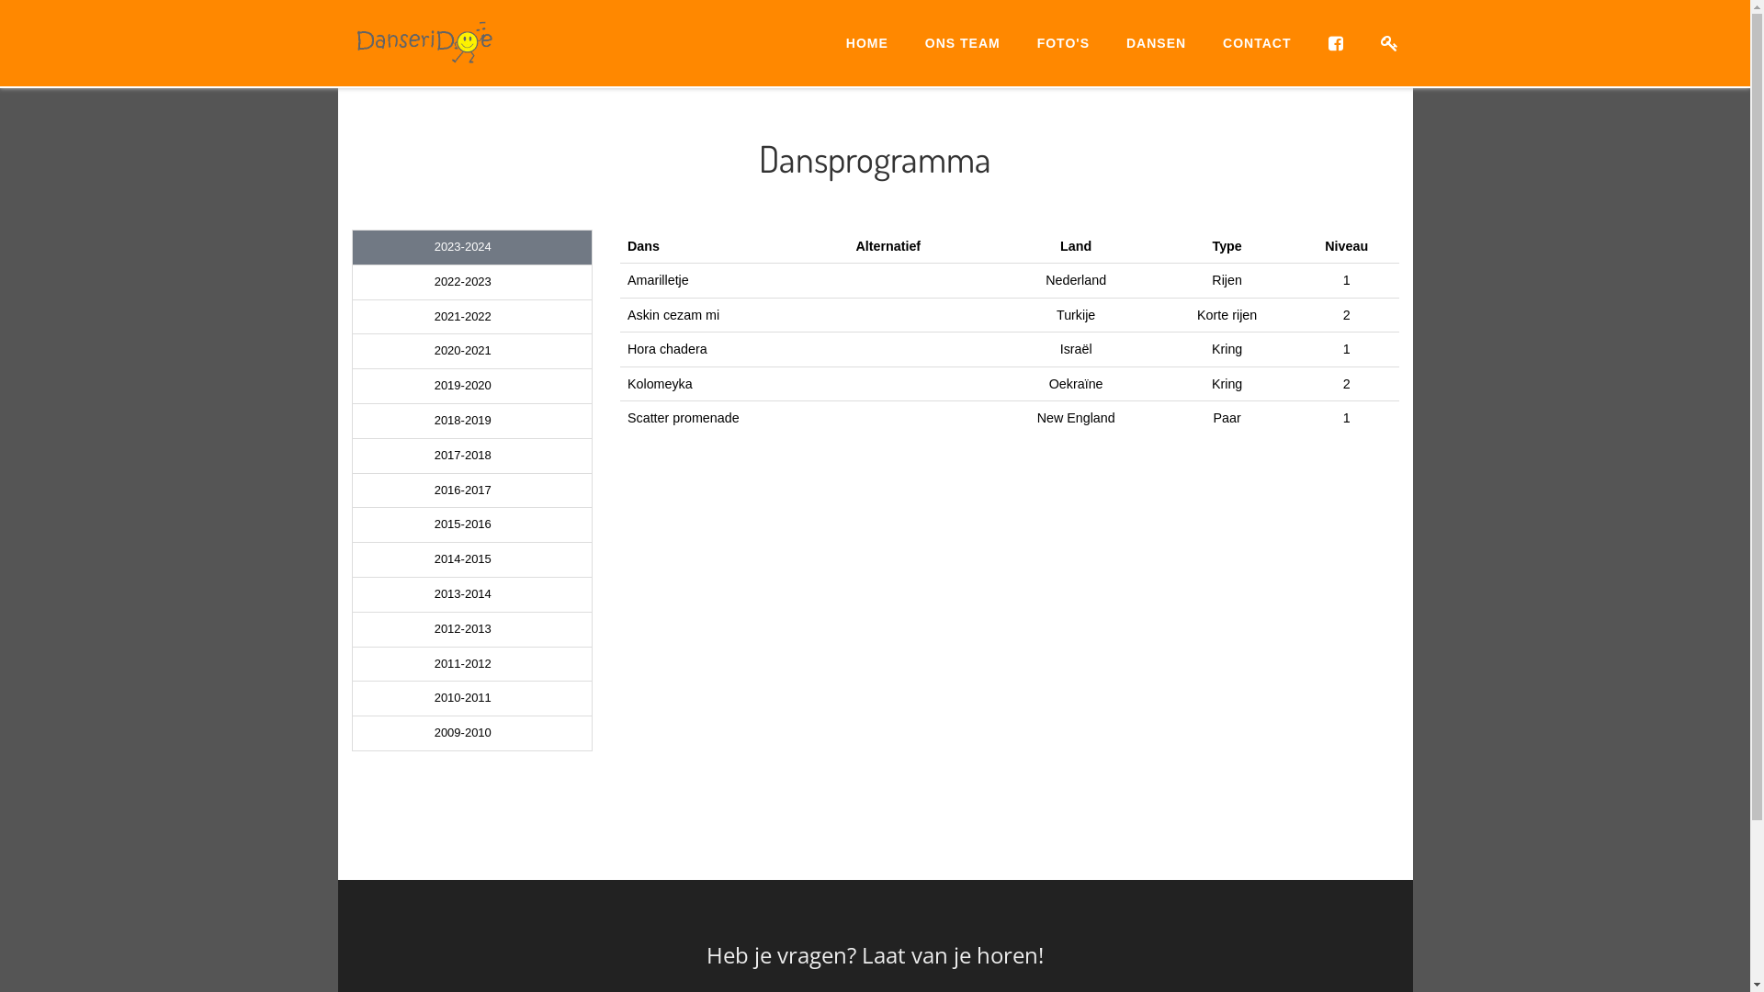 The height and width of the screenshot is (992, 1764). I want to click on '2016-2017', so click(353, 490).